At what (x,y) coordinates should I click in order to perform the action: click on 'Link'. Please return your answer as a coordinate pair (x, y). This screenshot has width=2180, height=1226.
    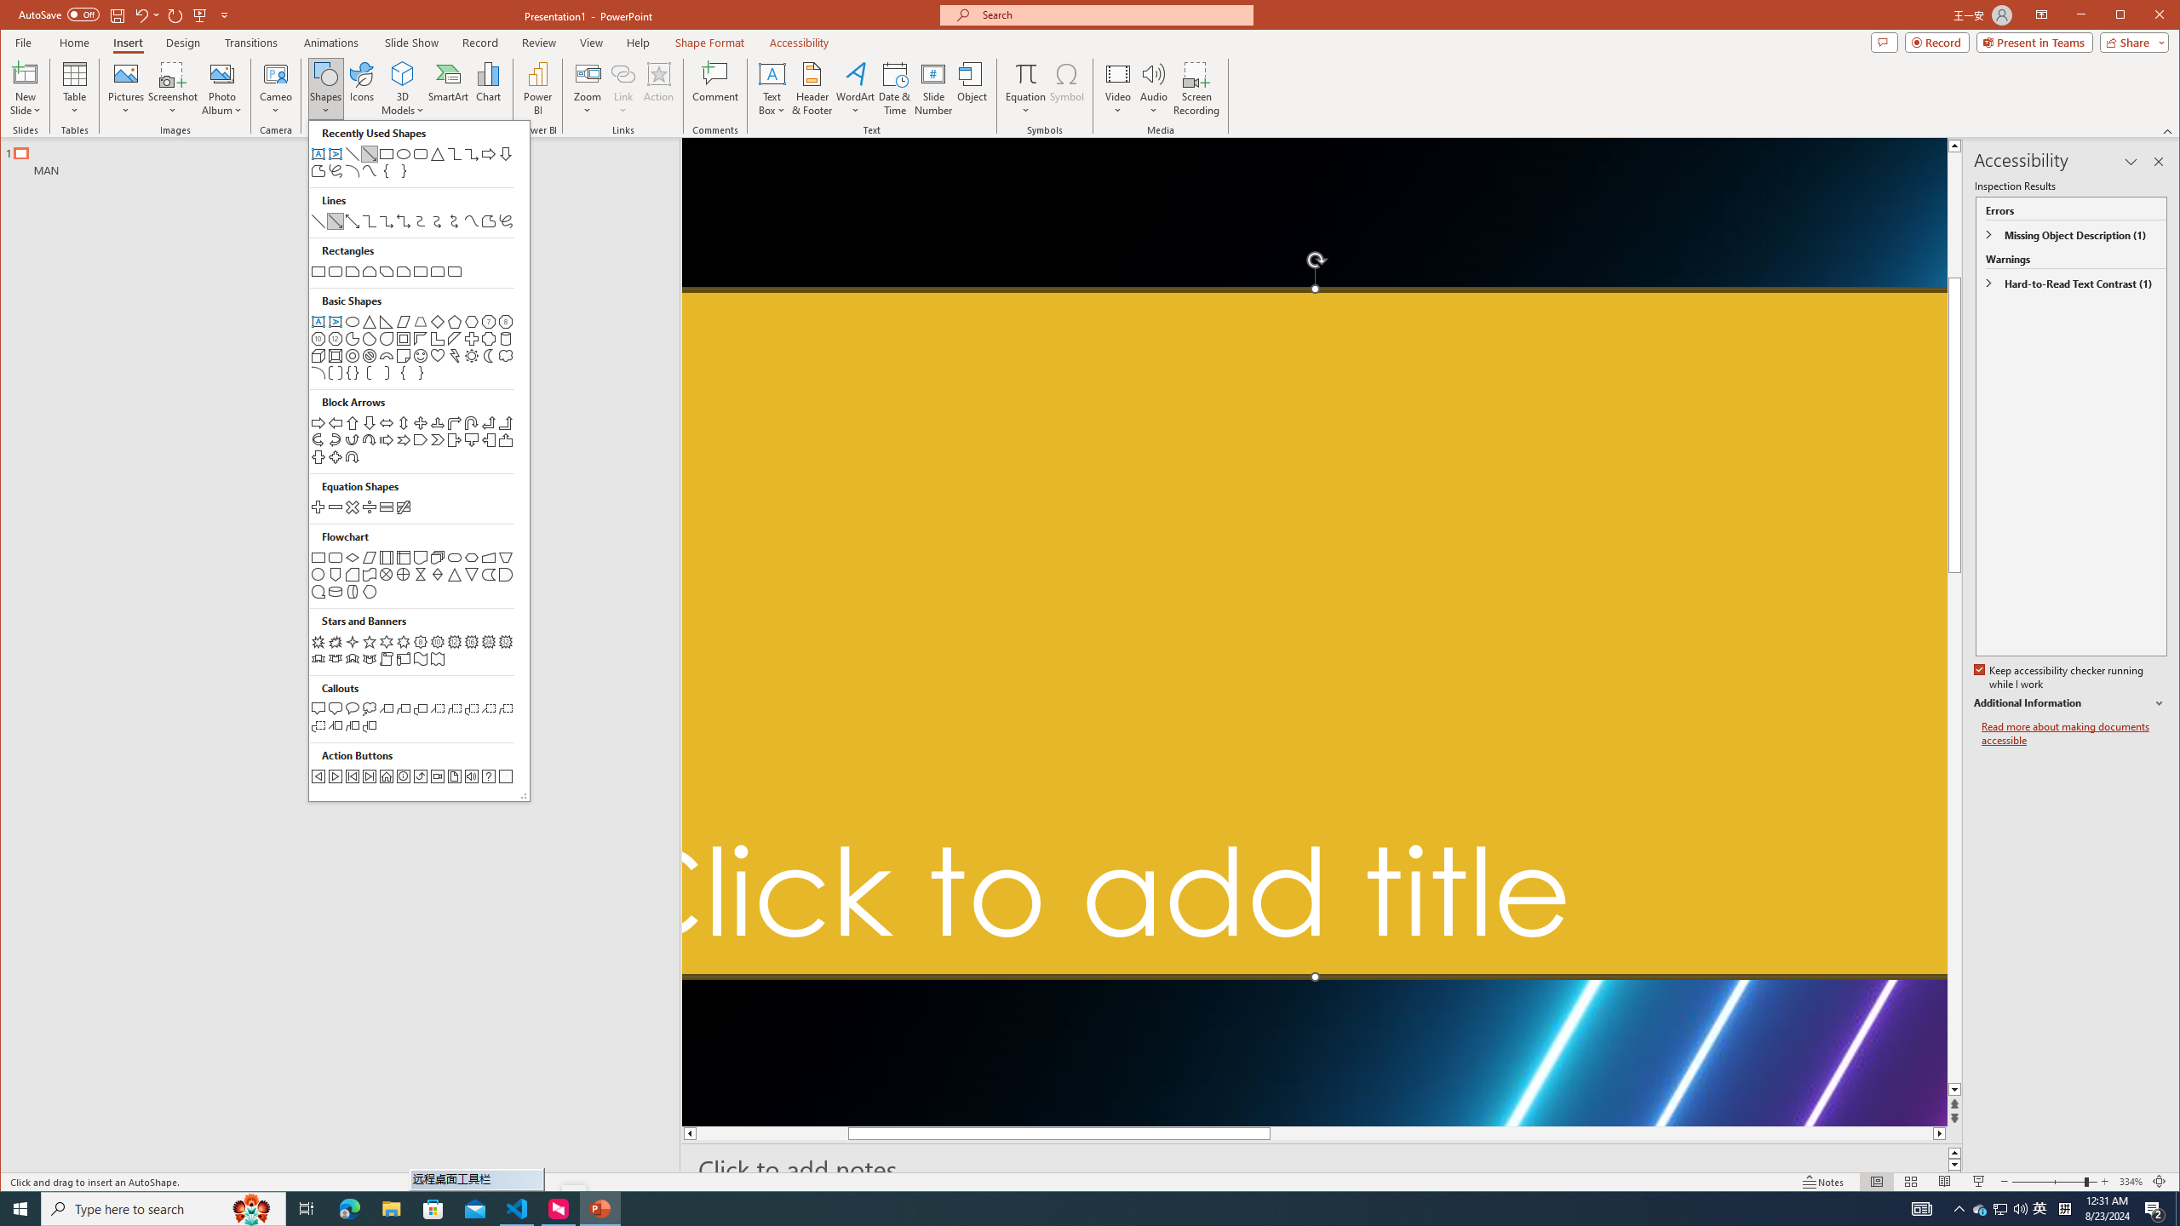
    Looking at the image, I should click on (622, 72).